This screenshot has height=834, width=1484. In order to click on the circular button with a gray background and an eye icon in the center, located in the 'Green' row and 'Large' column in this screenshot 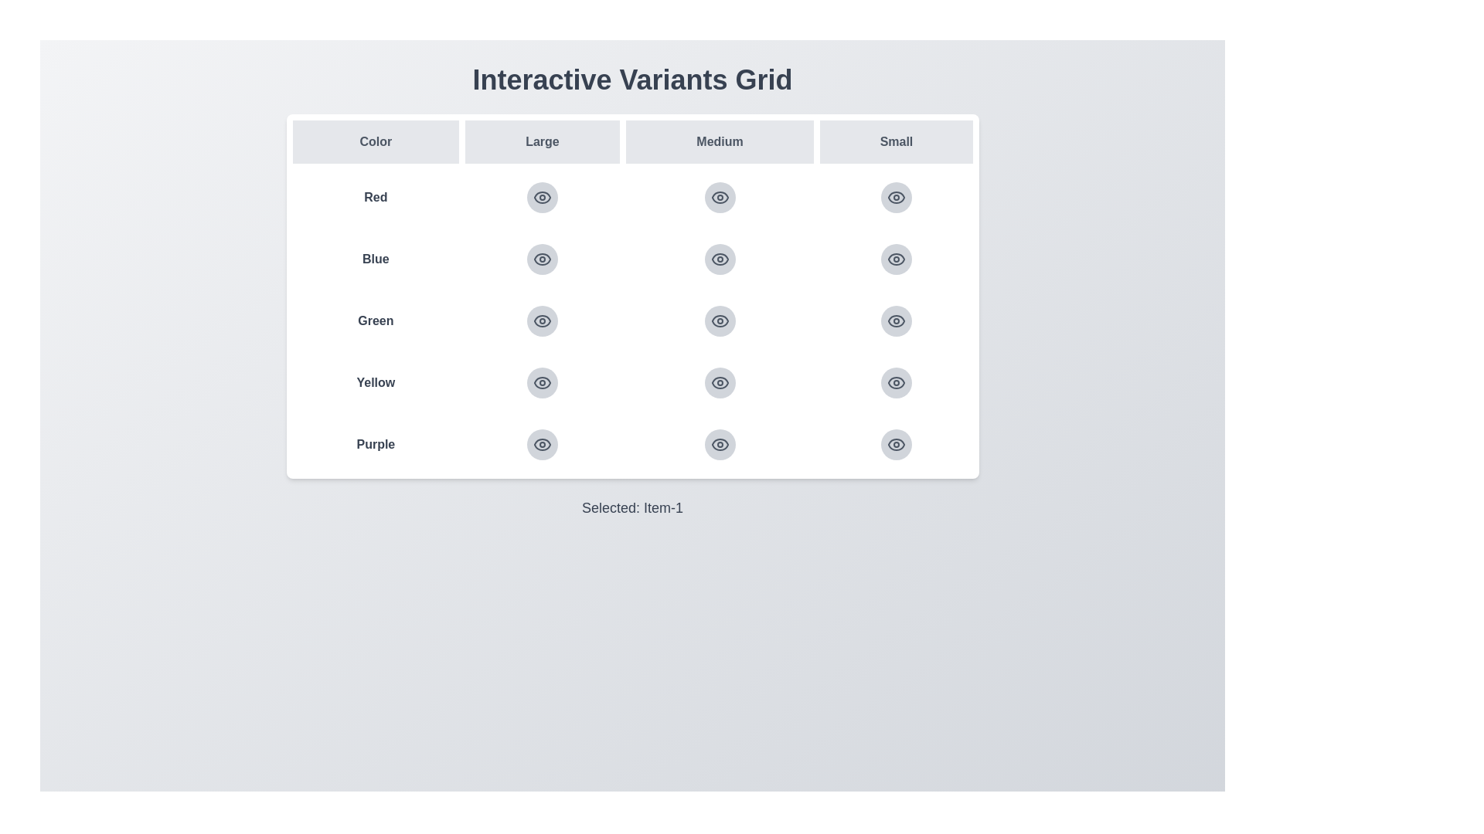, I will do `click(542, 320)`.